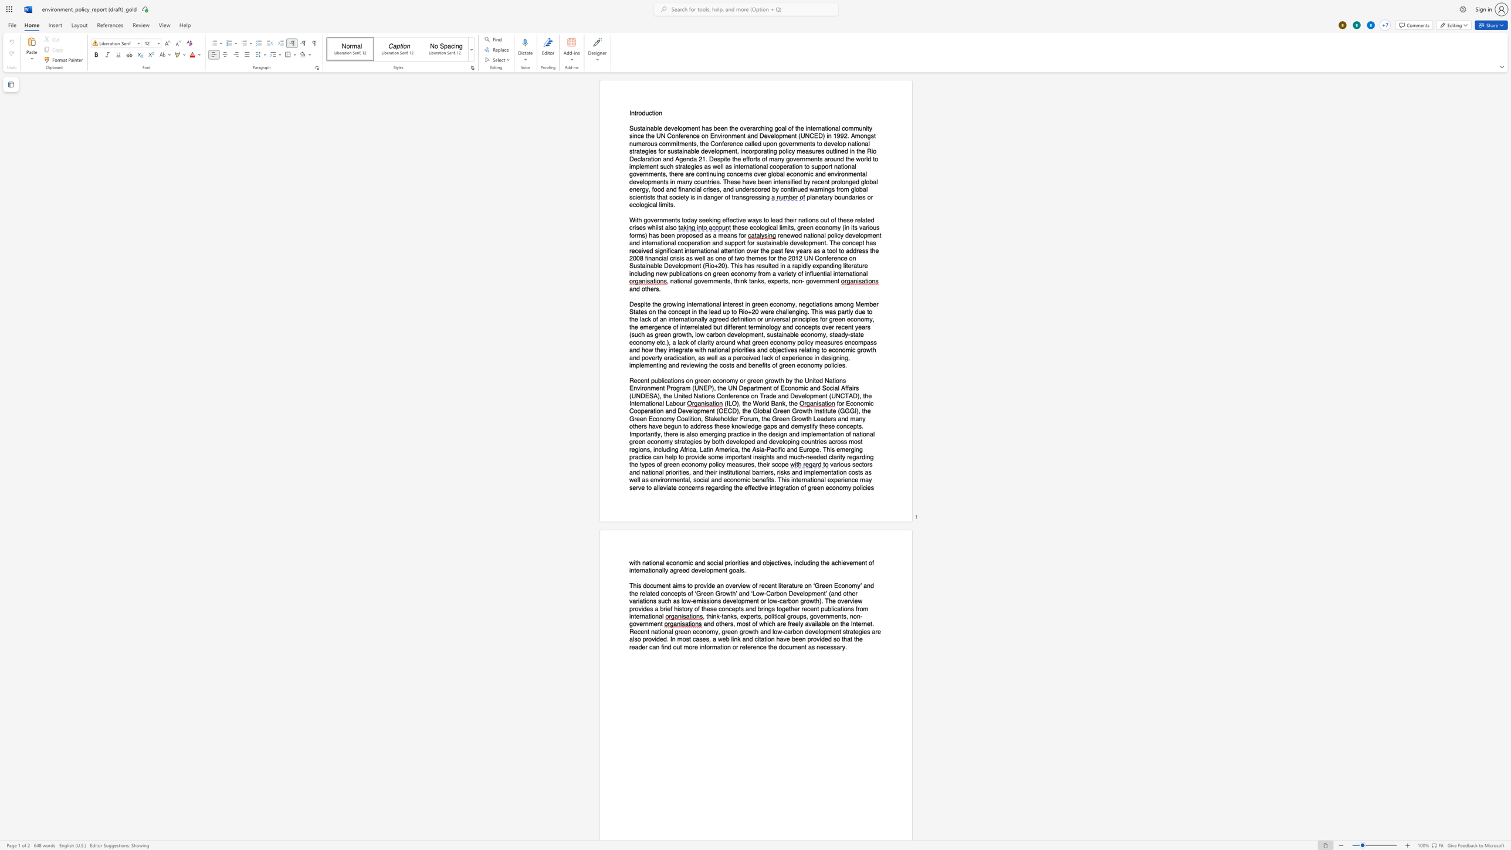 The height and width of the screenshot is (850, 1511). I want to click on the space between the continuous character "h" and "a" in the text, so click(704, 128).